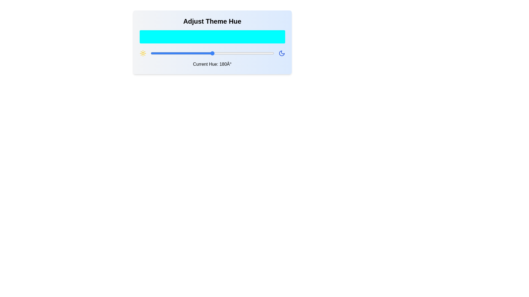 This screenshot has height=297, width=529. Describe the element at coordinates (234, 53) in the screenshot. I see `the hue to 243 degrees by dragging the slider` at that location.